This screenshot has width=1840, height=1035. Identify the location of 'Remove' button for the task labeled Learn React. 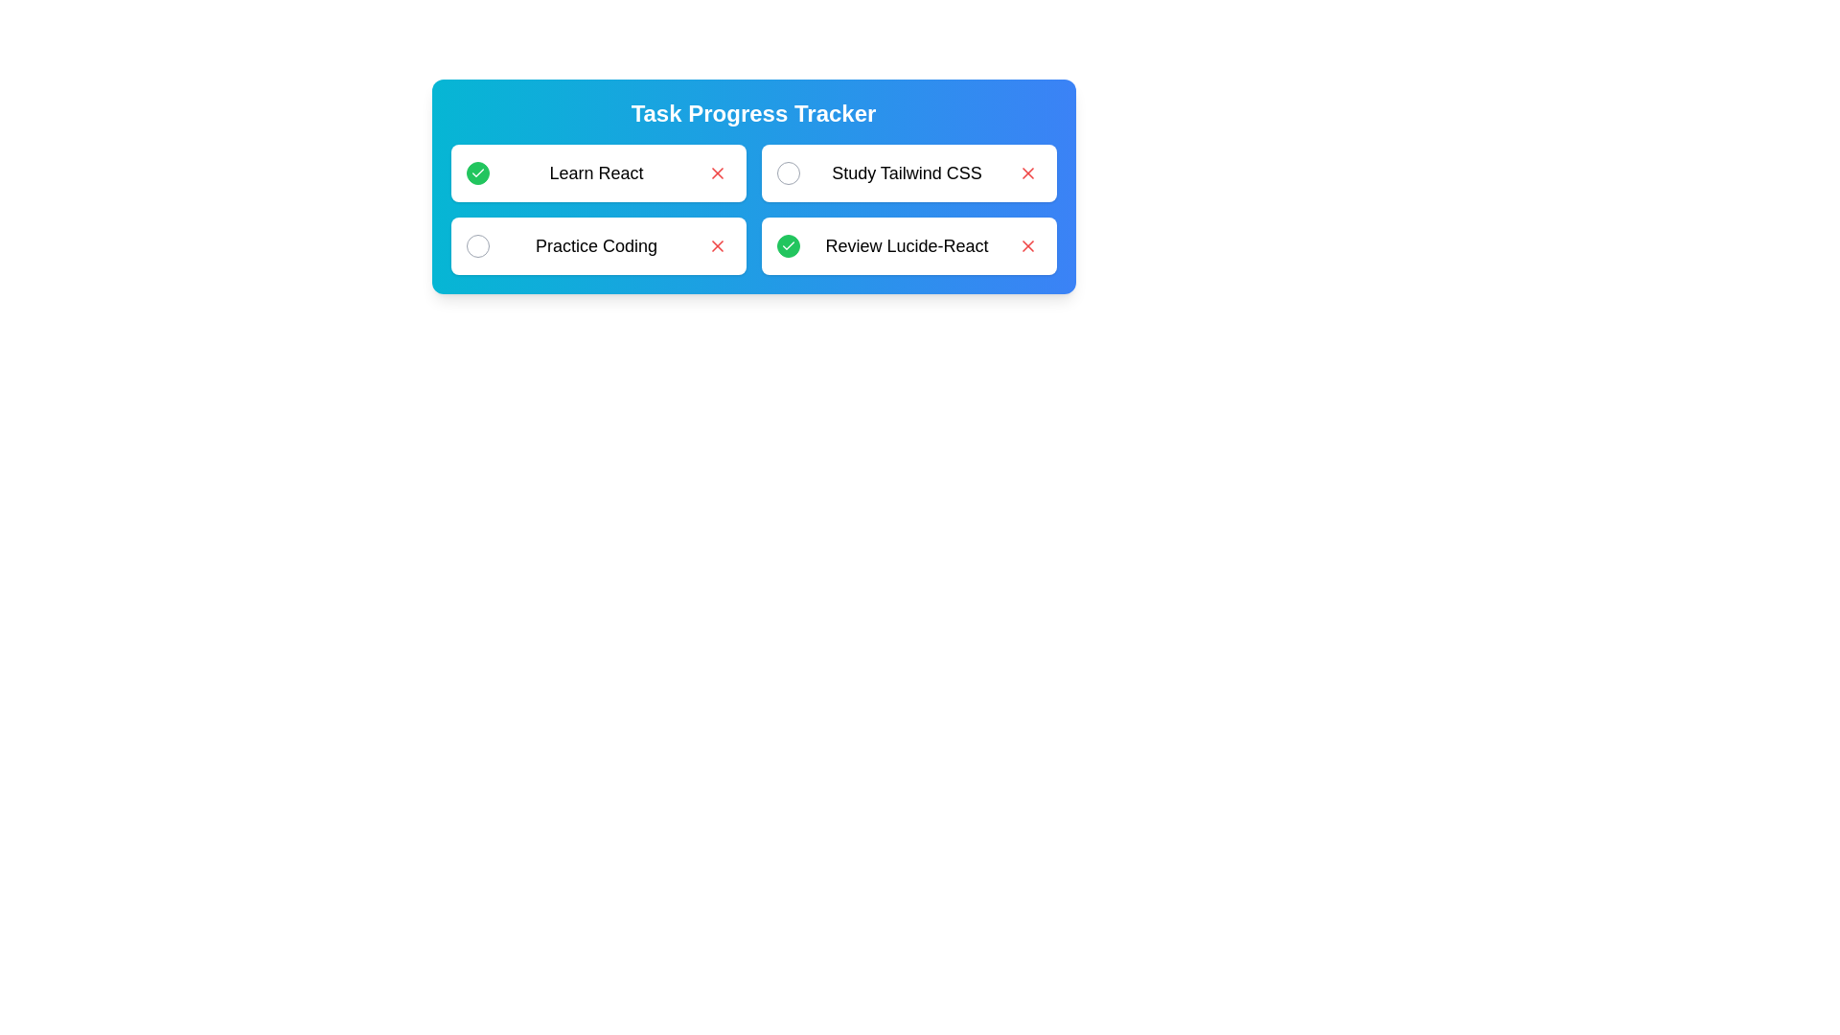
(716, 173).